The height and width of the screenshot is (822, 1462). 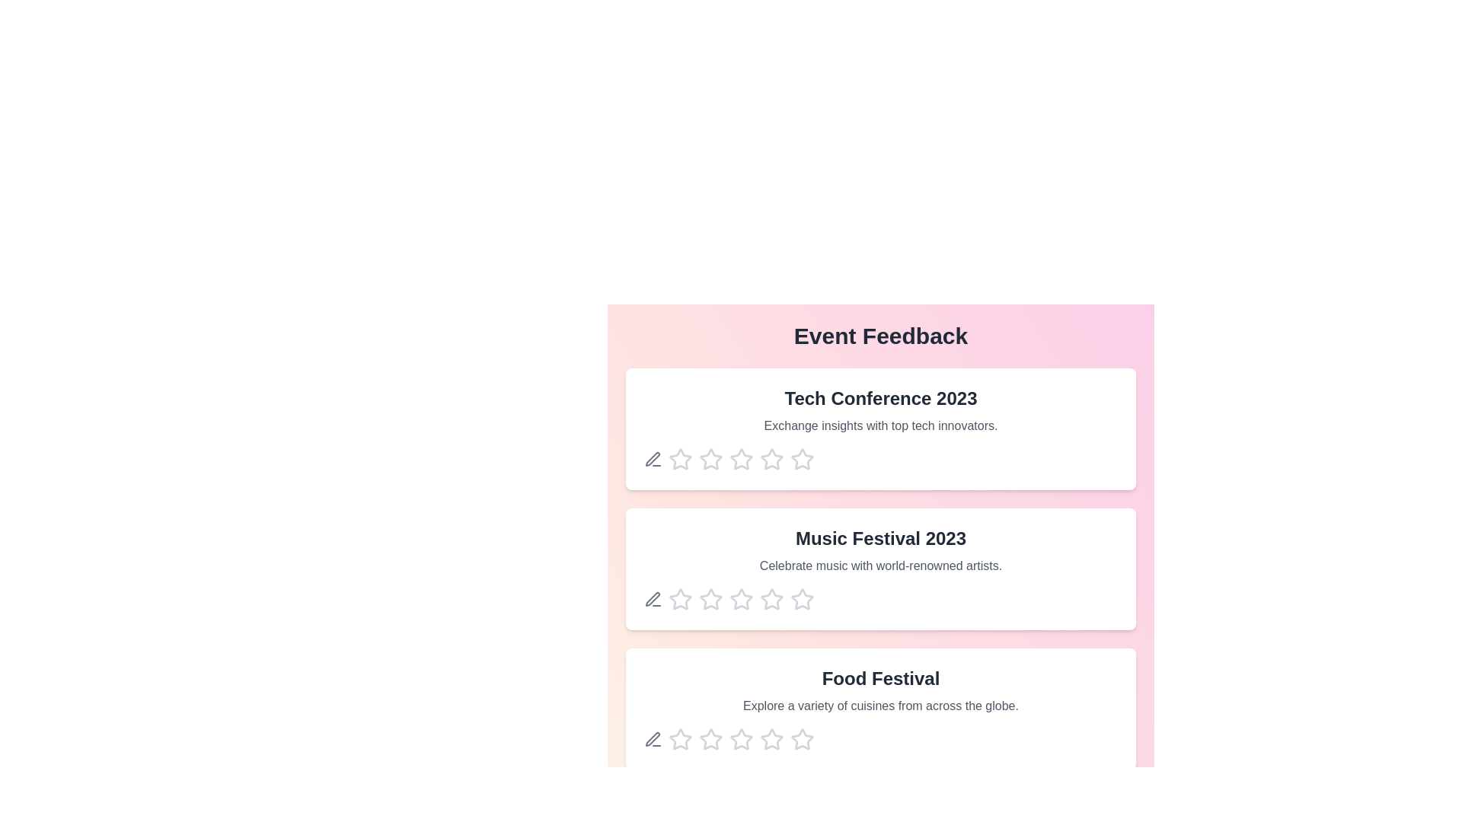 I want to click on the star corresponding to the rating 2, so click(x=710, y=459).